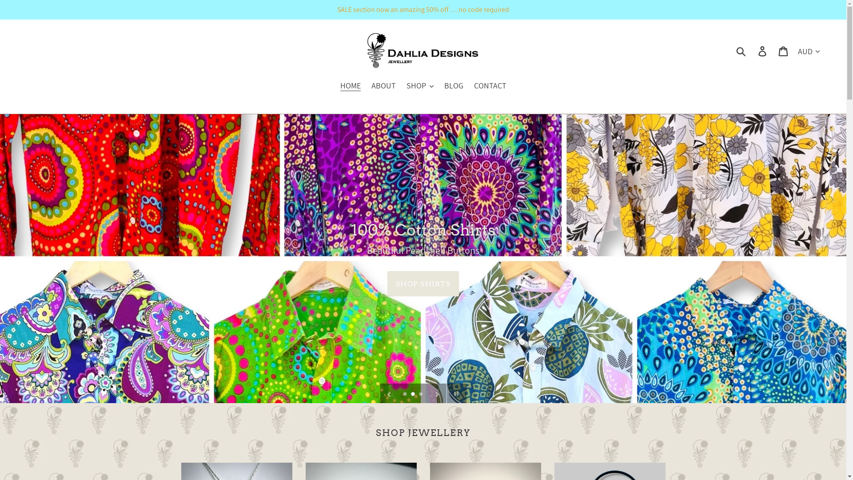 The height and width of the screenshot is (480, 853). I want to click on 'Submit', so click(741, 51).